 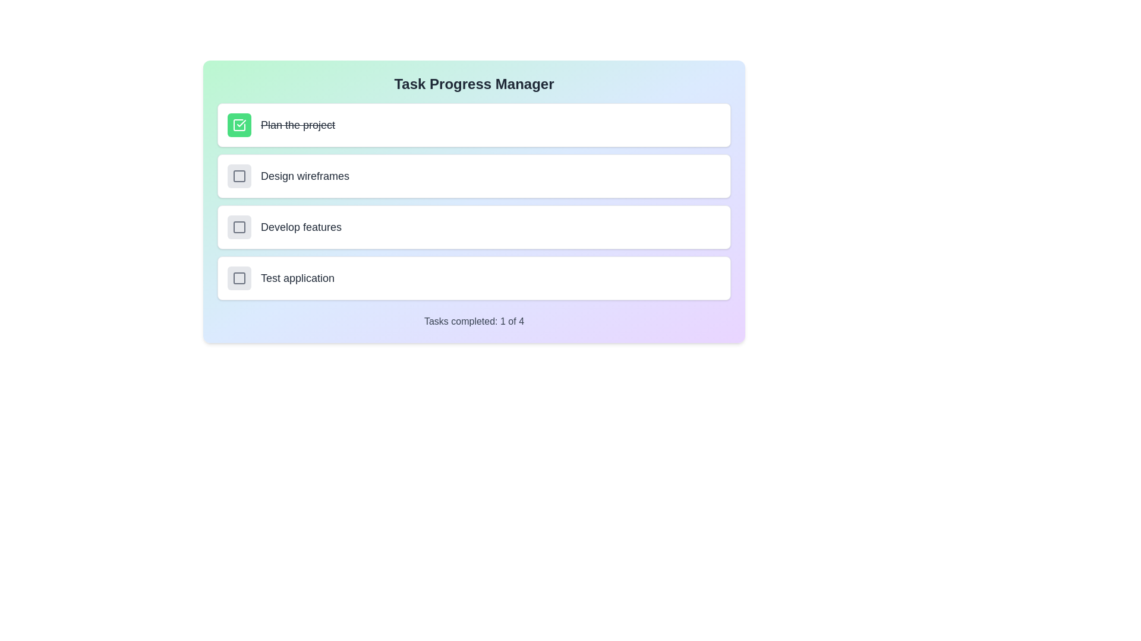 I want to click on the clickable checkbox that marks the 'Test application' task as completed, so click(x=239, y=278).